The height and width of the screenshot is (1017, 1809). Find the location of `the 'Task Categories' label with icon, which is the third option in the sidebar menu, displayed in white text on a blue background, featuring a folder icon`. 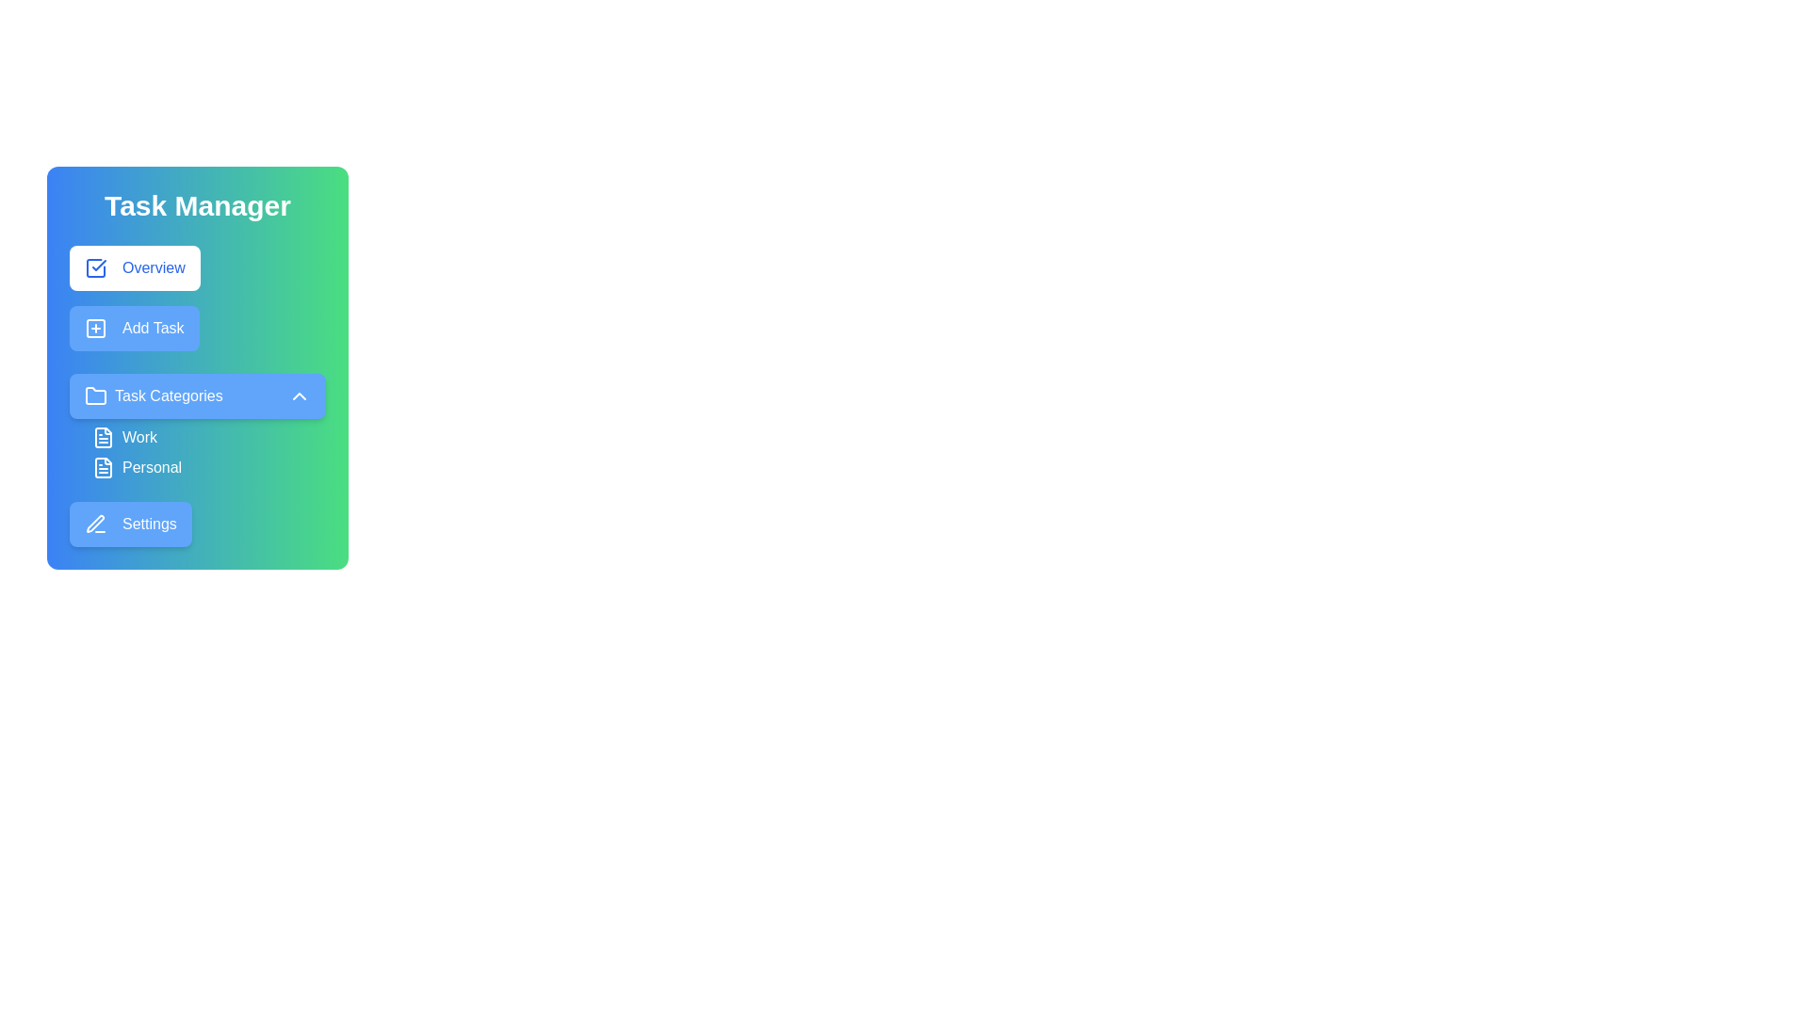

the 'Task Categories' label with icon, which is the third option in the sidebar menu, displayed in white text on a blue background, featuring a folder icon is located at coordinates (154, 395).